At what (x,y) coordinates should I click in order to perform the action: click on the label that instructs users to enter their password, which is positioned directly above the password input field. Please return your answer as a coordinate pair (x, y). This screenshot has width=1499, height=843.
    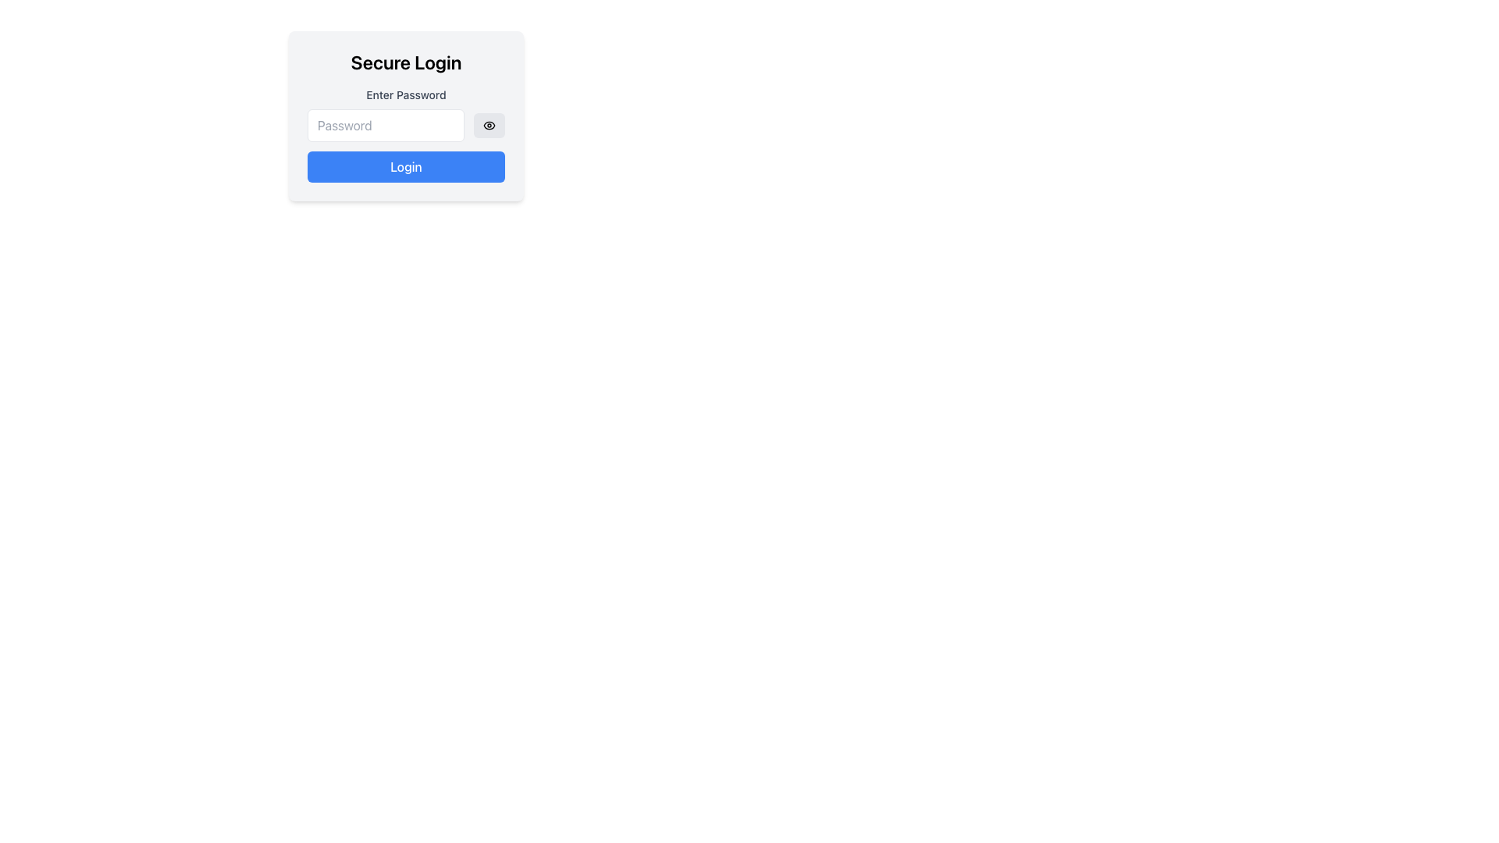
    Looking at the image, I should click on (406, 95).